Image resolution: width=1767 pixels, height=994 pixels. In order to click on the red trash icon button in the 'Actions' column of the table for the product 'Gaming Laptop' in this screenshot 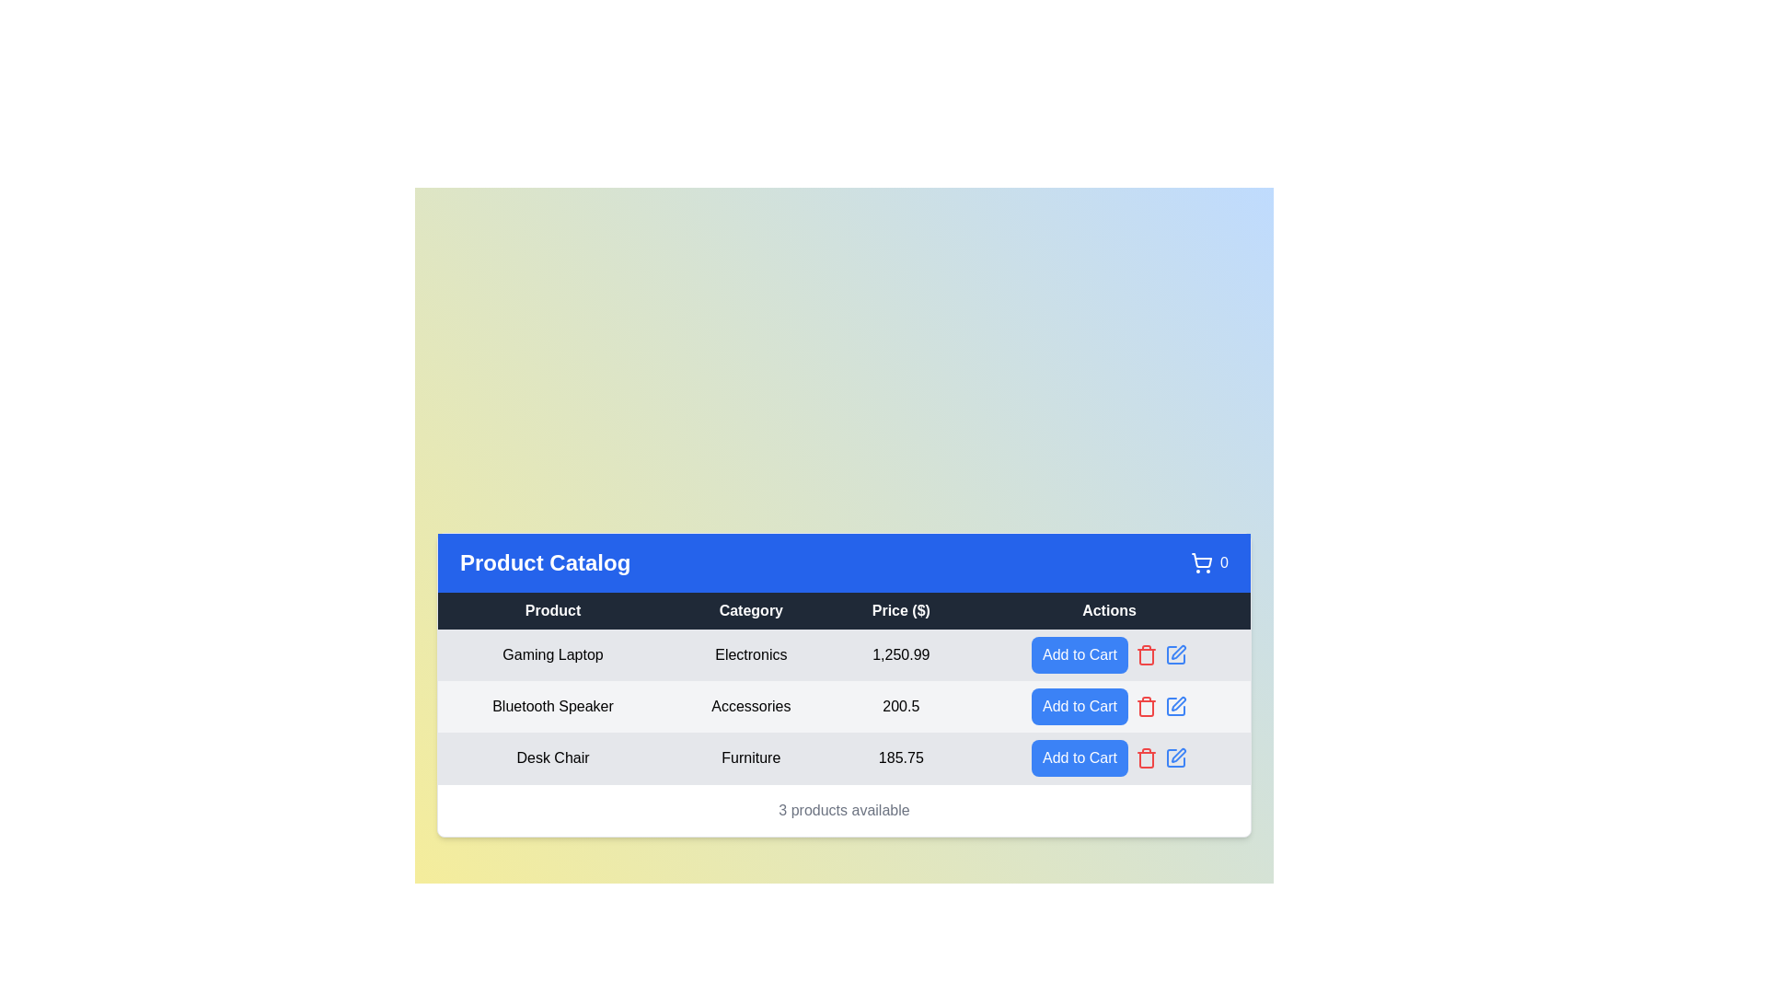, I will do `click(1145, 653)`.